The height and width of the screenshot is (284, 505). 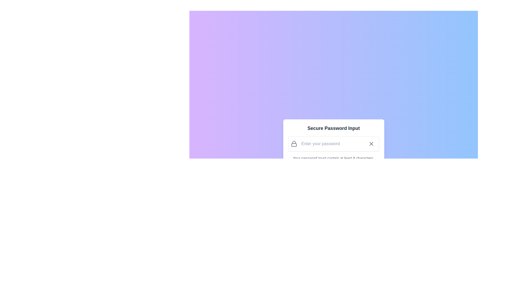 I want to click on the lower part of the lock icon symbol inside the 'Secure Password Input' component, which represents the lock symbol's body, so click(x=294, y=145).